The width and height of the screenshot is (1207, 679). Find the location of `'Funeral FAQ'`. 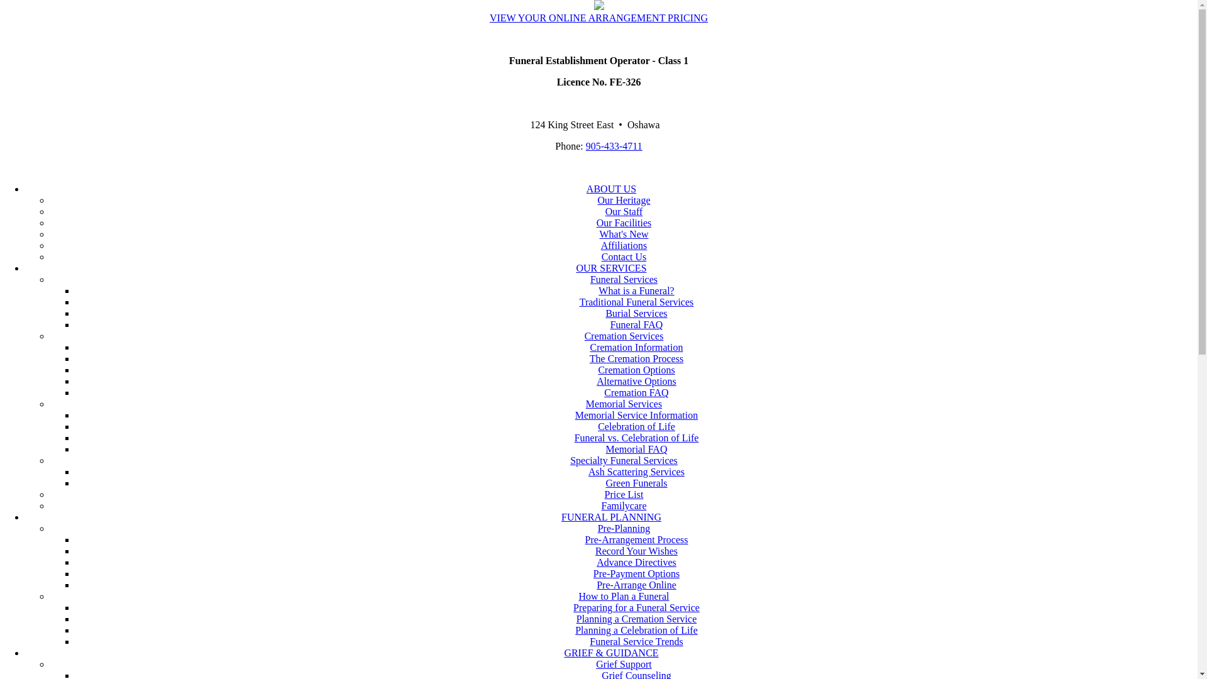

'Funeral FAQ' is located at coordinates (636, 324).